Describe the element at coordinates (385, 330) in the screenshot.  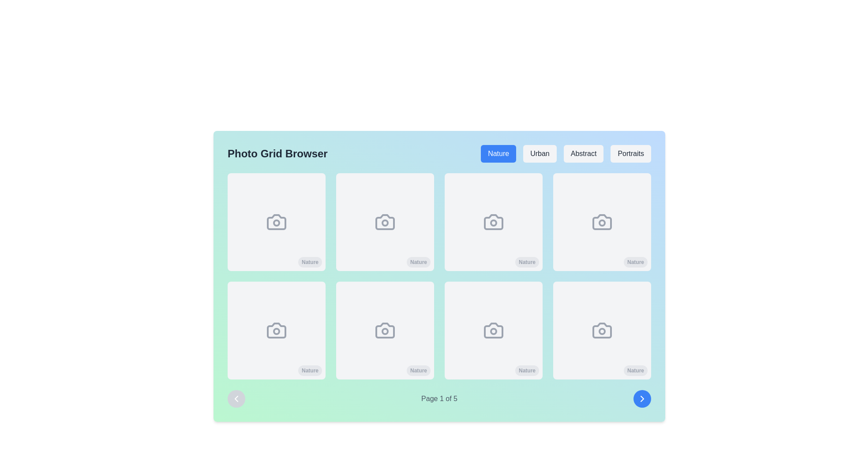
I see `the grid item labeled 'Nature' in the third column of the second row` at that location.